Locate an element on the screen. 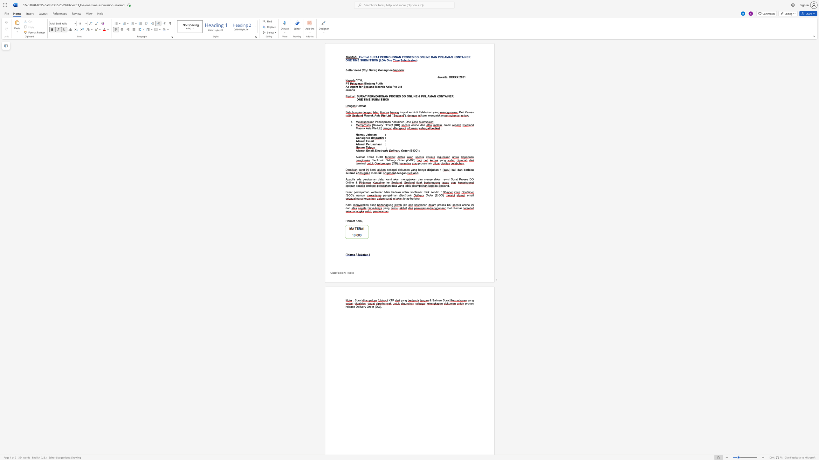  the subset text "aer" within the text "Maersk Asia" is located at coordinates (366, 115).